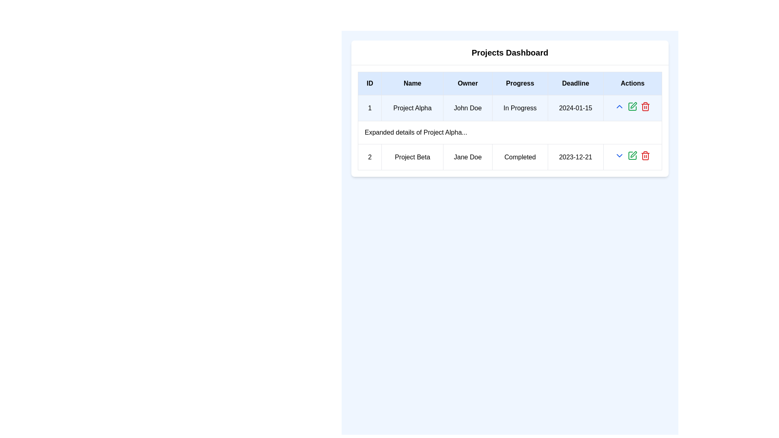  What do you see at coordinates (510, 53) in the screenshot?
I see `the text heading element located at the top center of the page, which serves as the title for the current section` at bounding box center [510, 53].